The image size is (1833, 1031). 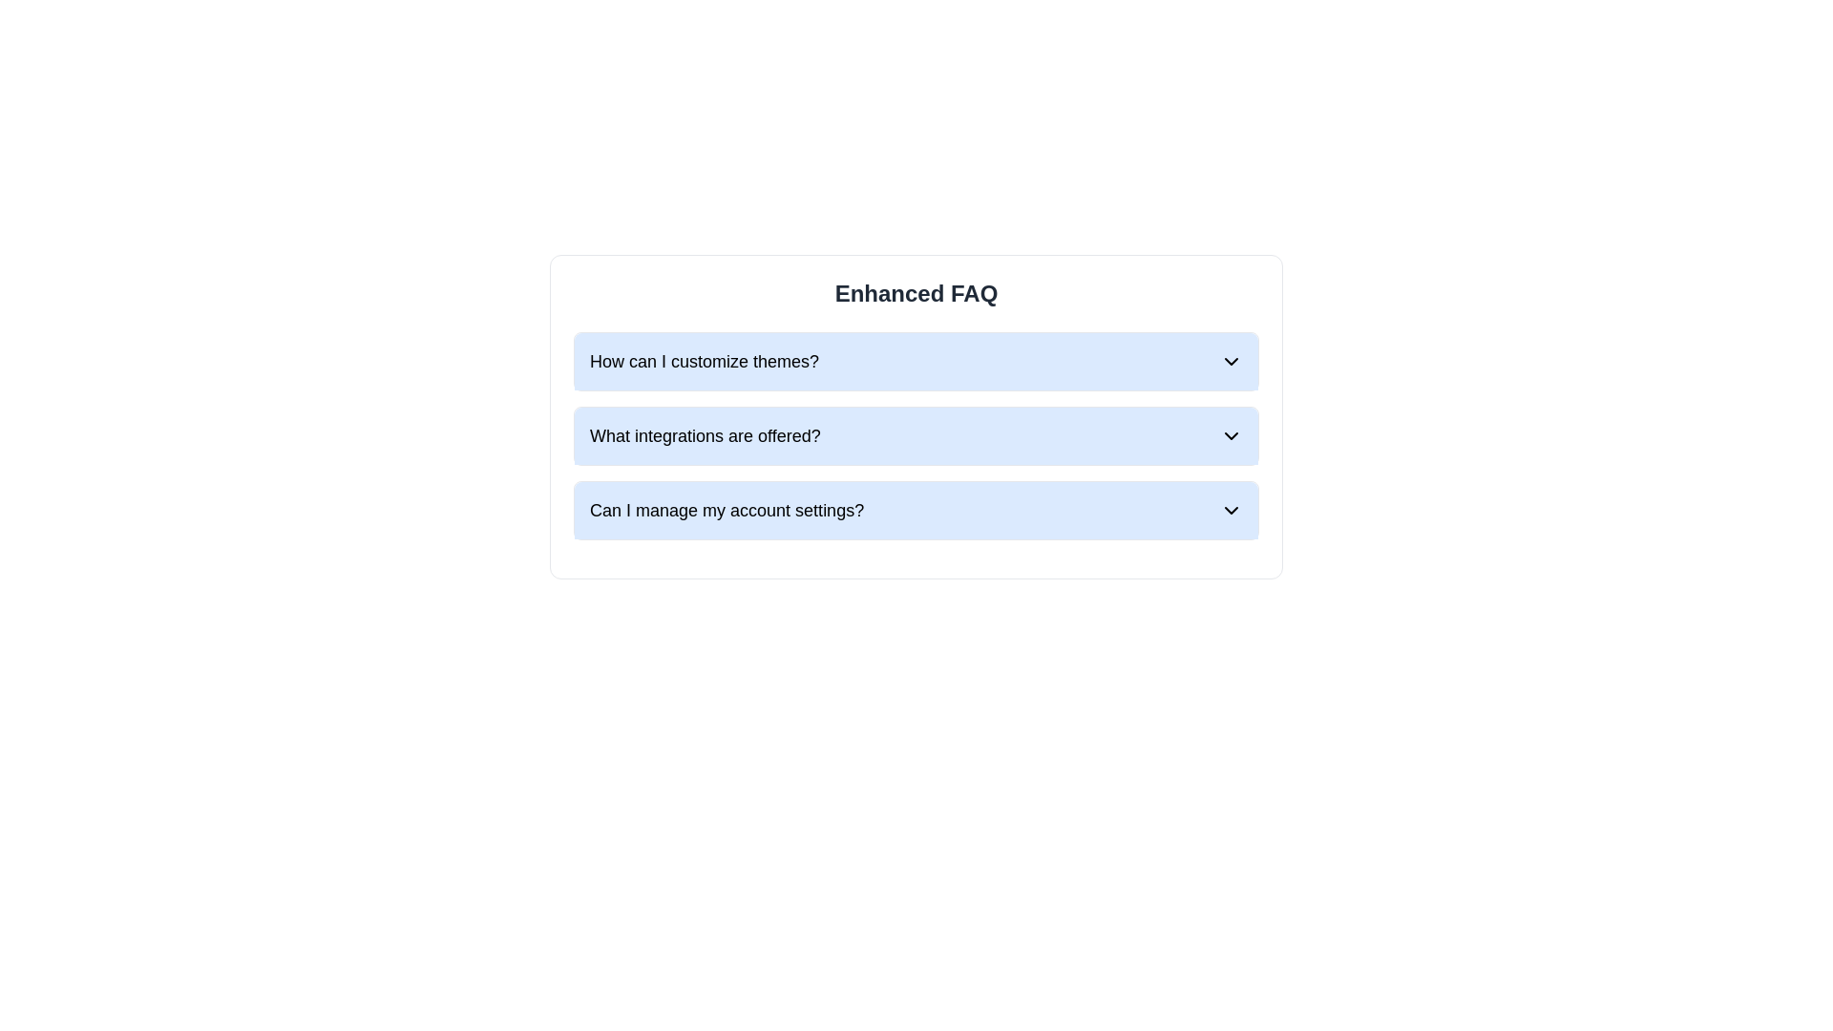 I want to click on the downward-facing chevron icon located in a light blue rounded rectangle, which is positioned at the top-right corner next to the text 'Can I manage my account settings?', so click(x=1232, y=510).